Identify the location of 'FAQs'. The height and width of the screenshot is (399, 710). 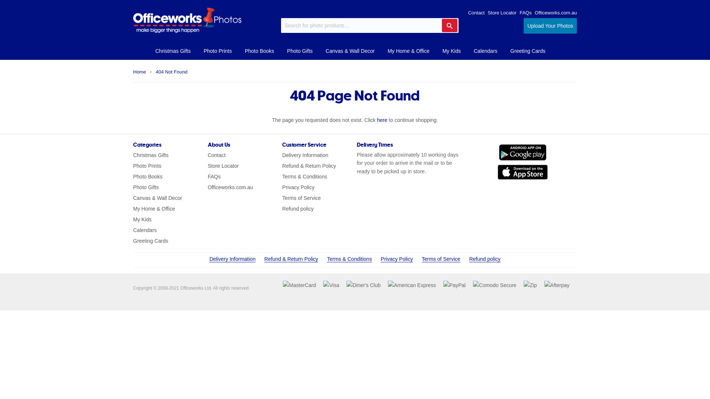
(207, 177).